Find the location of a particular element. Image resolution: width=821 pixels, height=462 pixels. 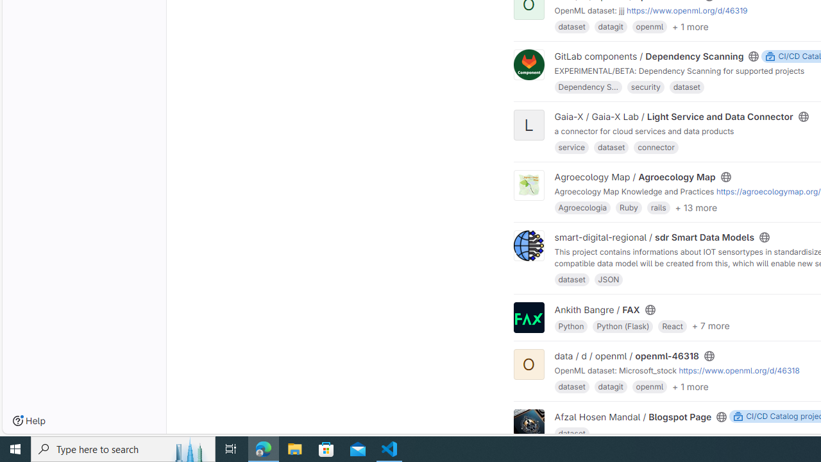

'Class: s16' is located at coordinates (722, 416).